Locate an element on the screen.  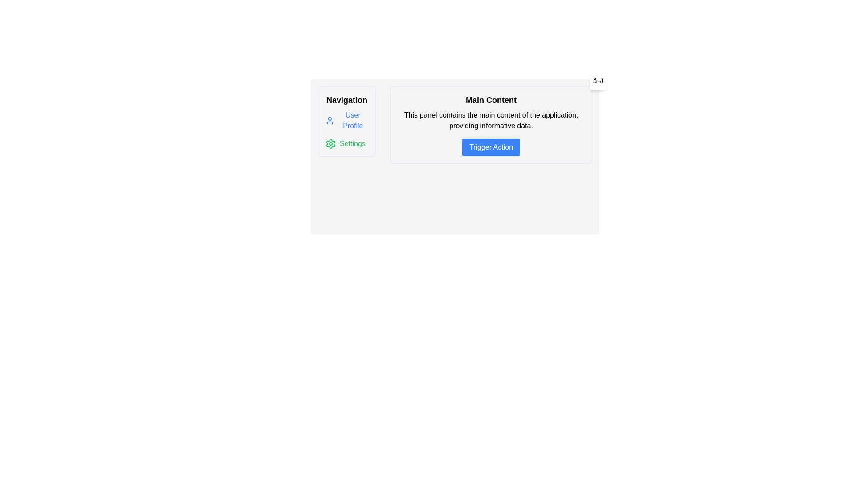
the user profile icon located in the navigation panel, positioned directly above the text 'User Profile' is located at coordinates (329, 120).